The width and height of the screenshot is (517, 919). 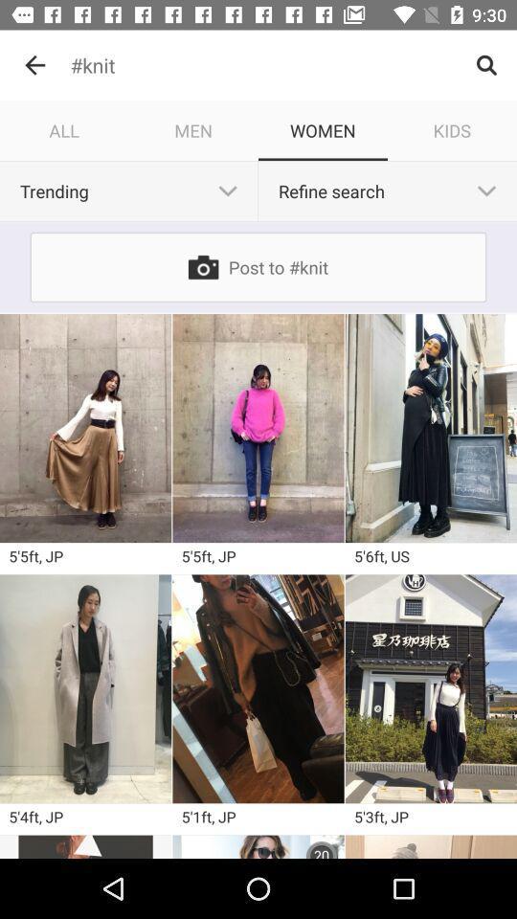 What do you see at coordinates (84, 845) in the screenshot?
I see `loads a person 's profile` at bounding box center [84, 845].